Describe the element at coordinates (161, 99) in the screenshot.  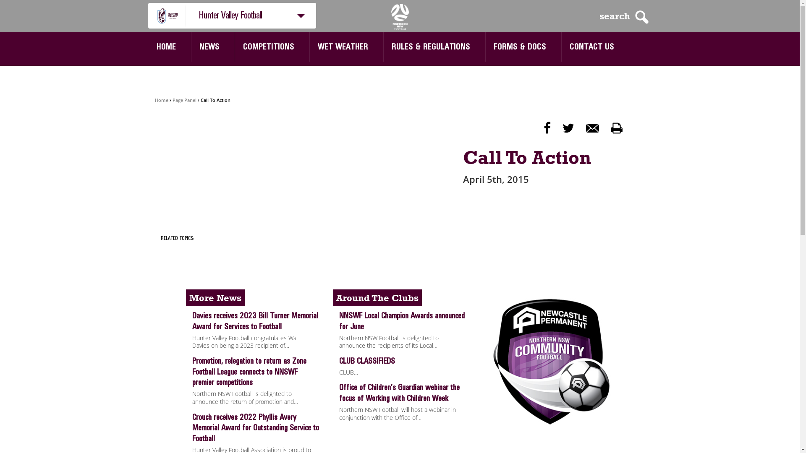
I see `'Home'` at that location.